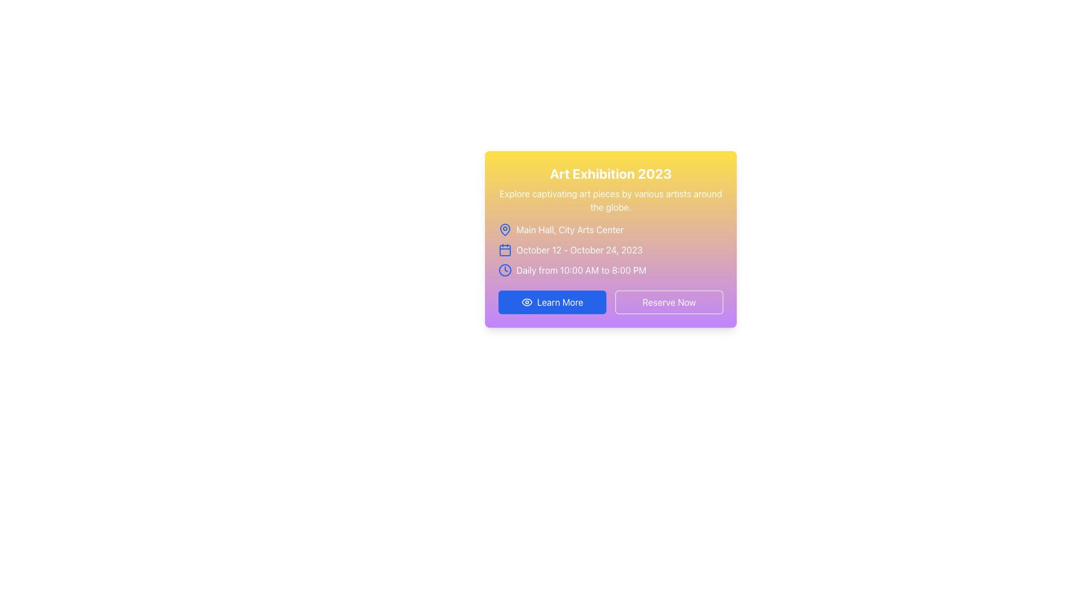 The height and width of the screenshot is (607, 1079). Describe the element at coordinates (504, 249) in the screenshot. I see `the calendar icon located on the left side of the line containing the text 'October 12 - October 24, 2023', which is visually represented by a calendar icon within a yellow gradient card` at that location.